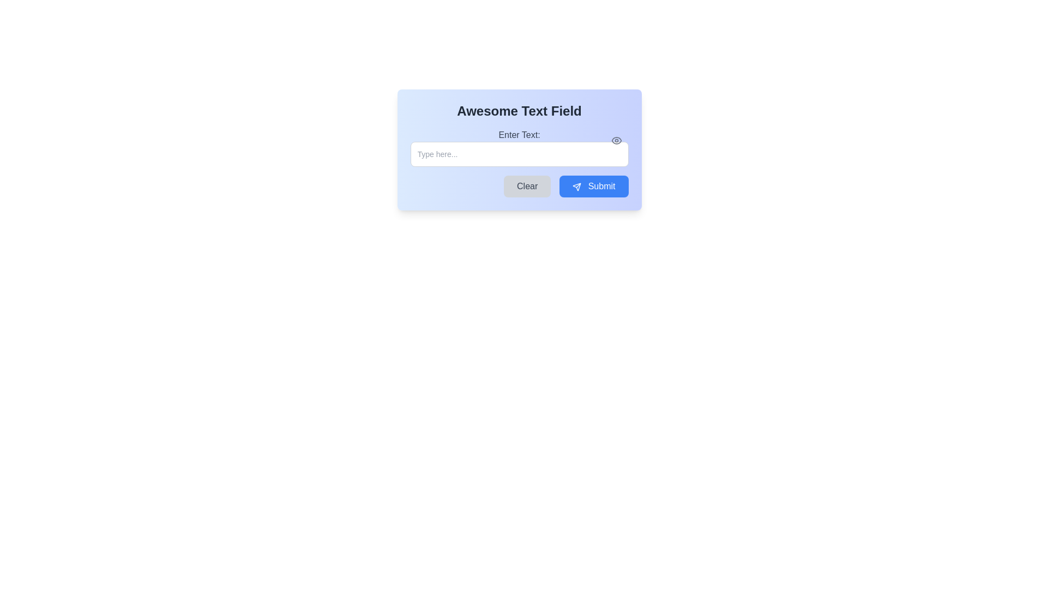  Describe the element at coordinates (576, 186) in the screenshot. I see `the SVG icon located on the left side of the text within the 'Submit' button to interact with the button that submits the entered information` at that location.